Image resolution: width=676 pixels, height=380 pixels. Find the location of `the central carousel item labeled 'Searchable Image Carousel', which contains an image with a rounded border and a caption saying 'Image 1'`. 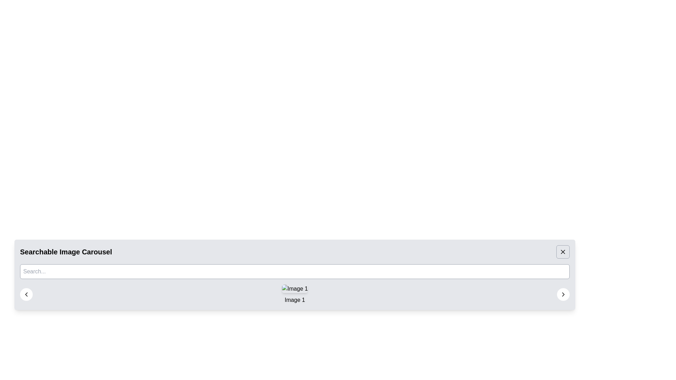

the central carousel item labeled 'Searchable Image Carousel', which contains an image with a rounded border and a caption saying 'Image 1' is located at coordinates (295, 294).